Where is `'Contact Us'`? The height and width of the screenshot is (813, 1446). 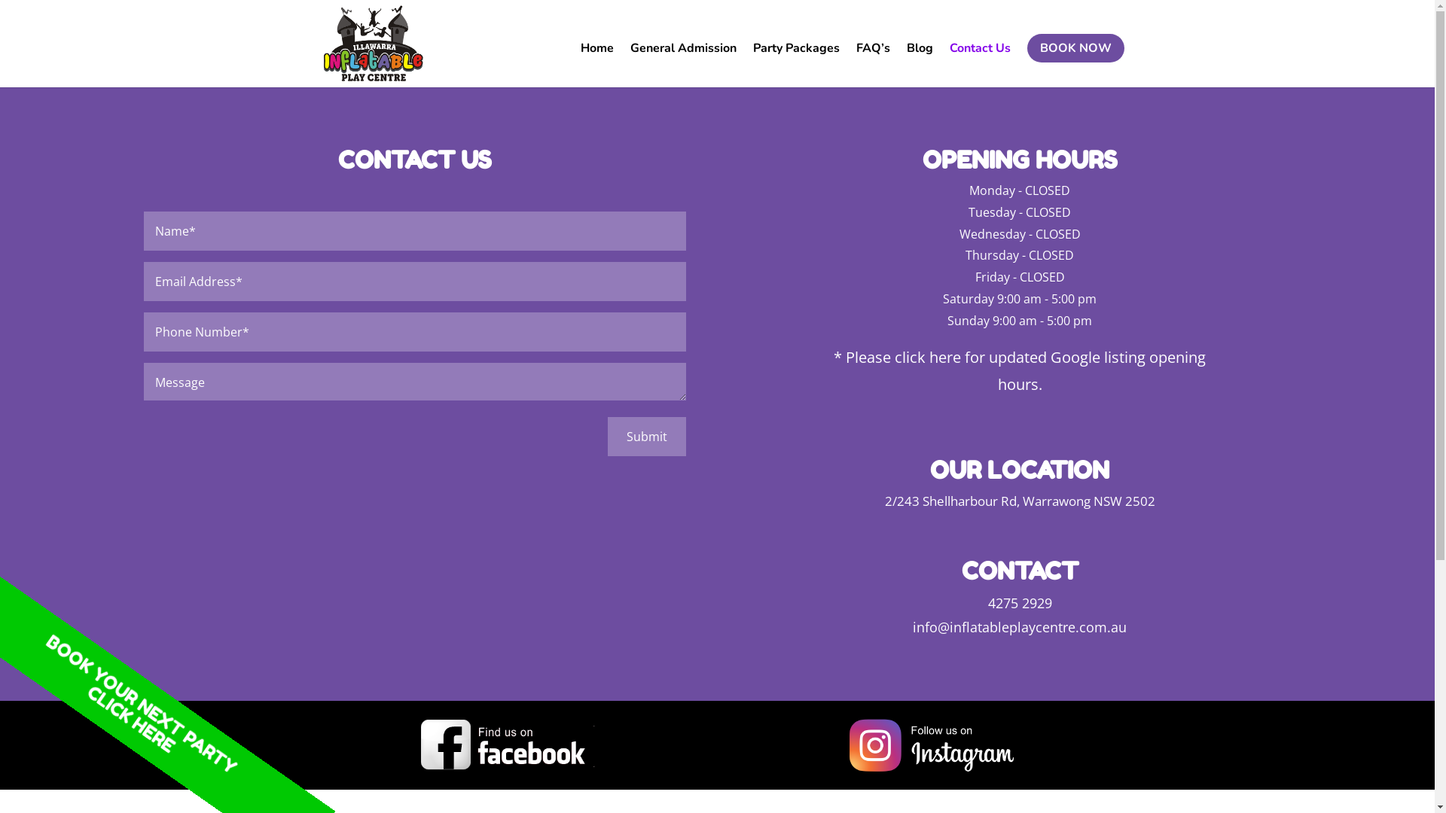
'Contact Us' is located at coordinates (979, 64).